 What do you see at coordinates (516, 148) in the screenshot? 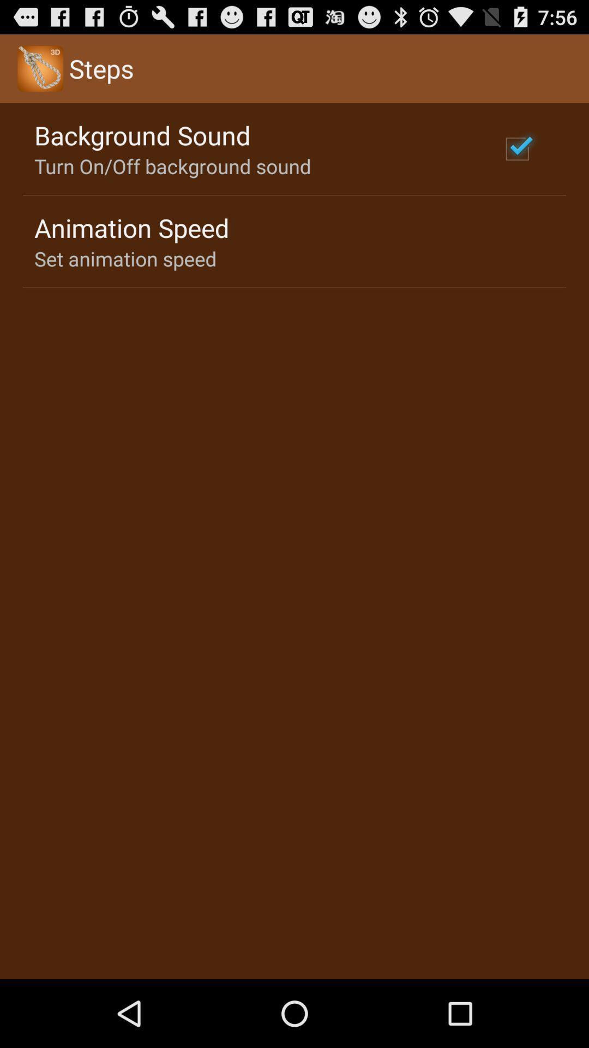
I see `the item at the top right corner` at bounding box center [516, 148].